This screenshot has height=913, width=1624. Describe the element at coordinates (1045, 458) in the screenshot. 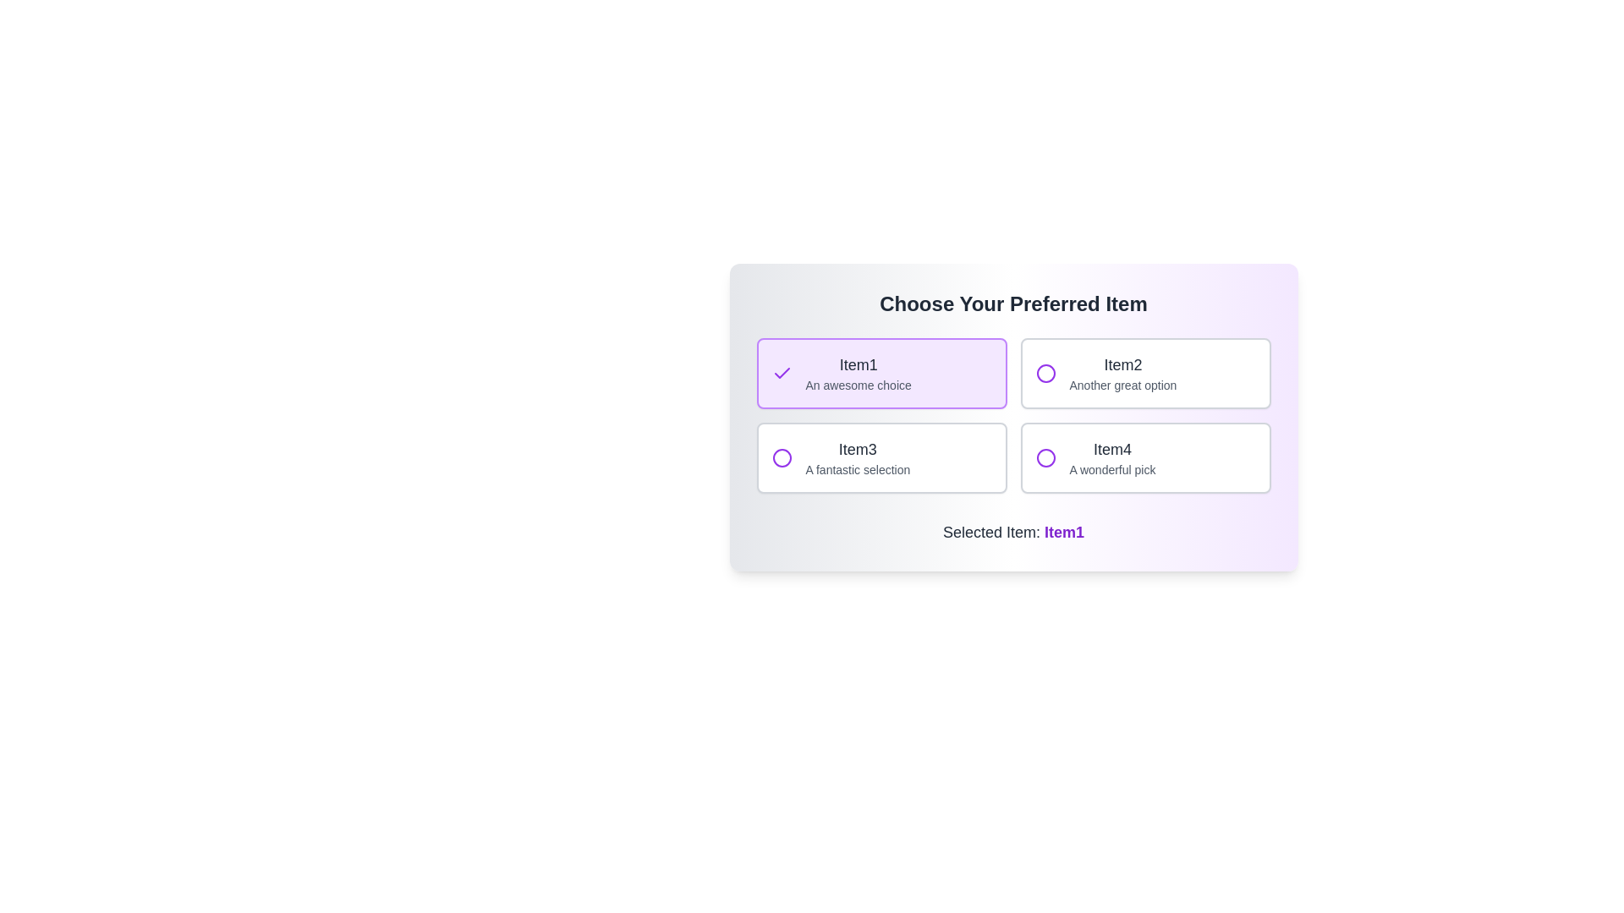

I see `the unselected radio button located in the lower-right quadrant of the selection grid` at that location.